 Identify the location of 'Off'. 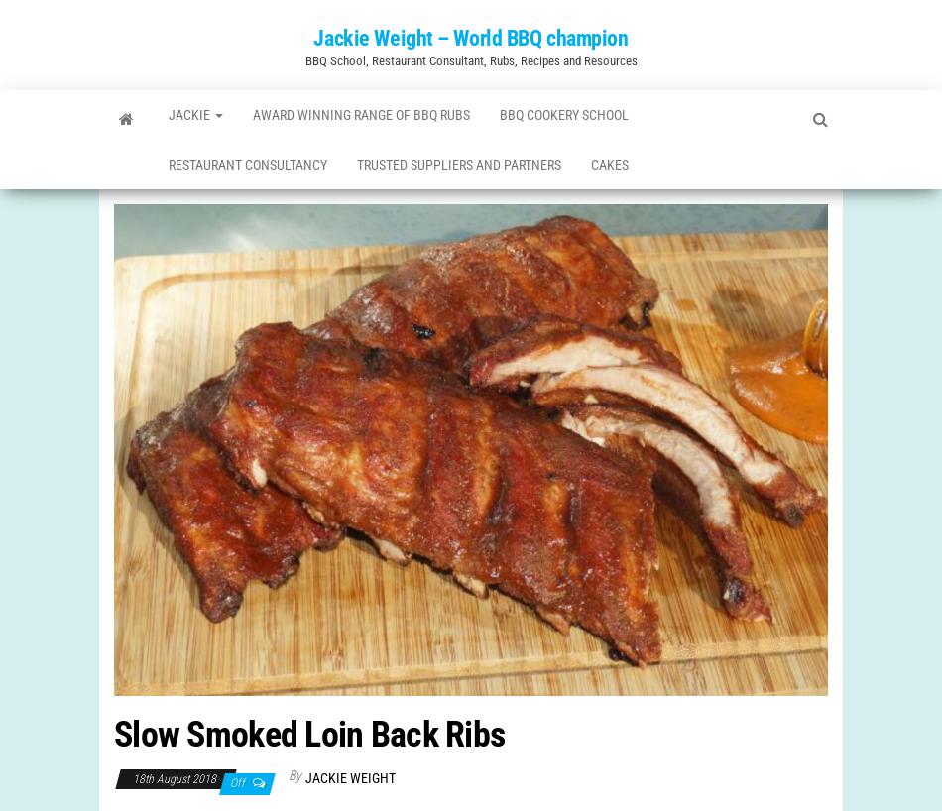
(238, 802).